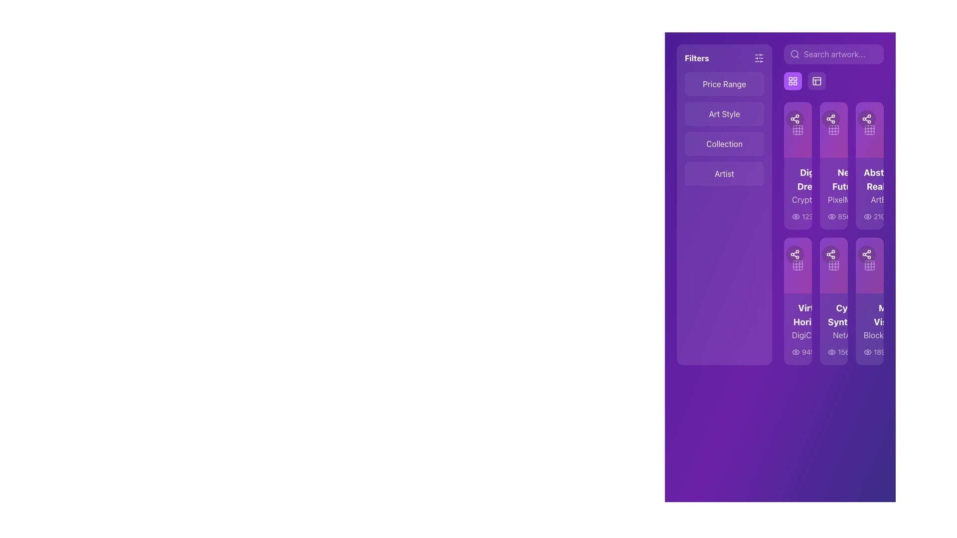 The height and width of the screenshot is (538, 957). Describe the element at coordinates (796, 351) in the screenshot. I see `the eye icon, which is part of a group containing the numeric text '945', located below the title 'Virtual Horizons'` at that location.